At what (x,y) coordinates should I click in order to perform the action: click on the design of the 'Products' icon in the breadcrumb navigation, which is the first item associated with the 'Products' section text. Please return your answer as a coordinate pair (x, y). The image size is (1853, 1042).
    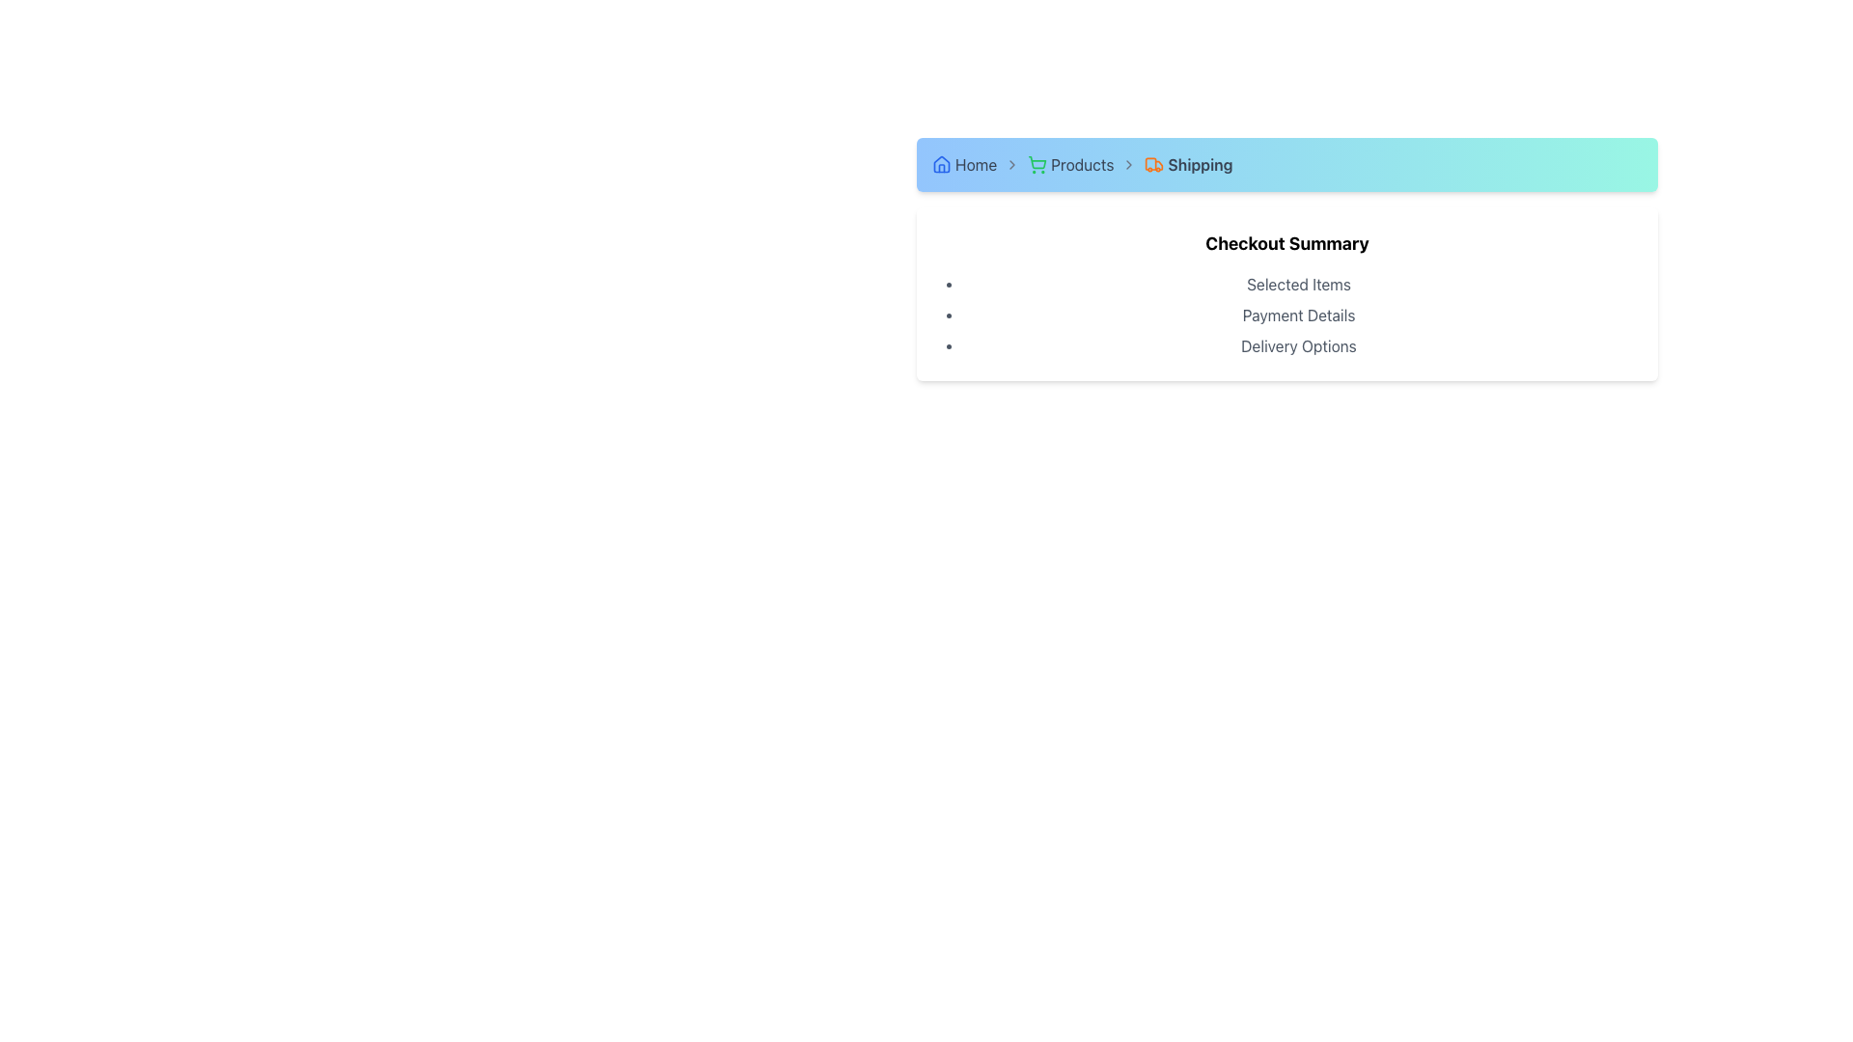
    Looking at the image, I should click on (1037, 163).